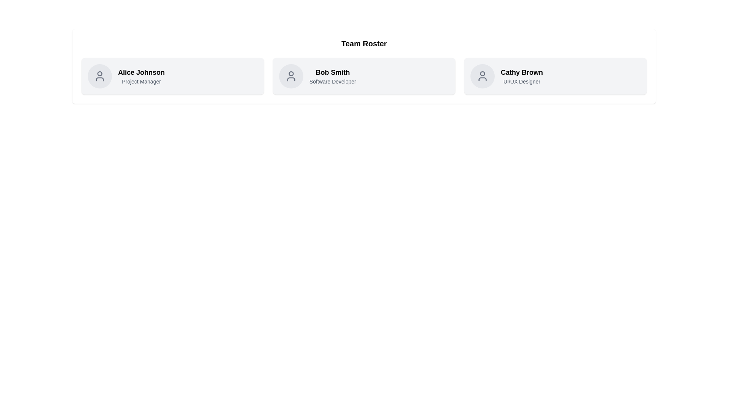 The image size is (729, 410). I want to click on text content of the Text Display element that shows 'Cathy Brown' and 'UI/UX Designer' in the third profile card located at the far right, so click(521, 76).